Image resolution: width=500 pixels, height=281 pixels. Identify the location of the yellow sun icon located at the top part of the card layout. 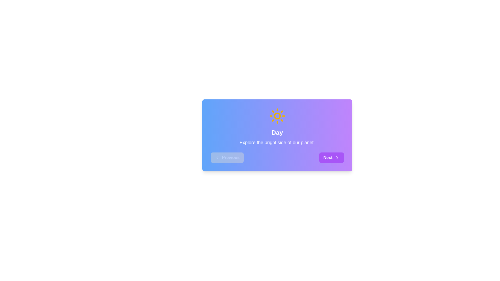
(277, 116).